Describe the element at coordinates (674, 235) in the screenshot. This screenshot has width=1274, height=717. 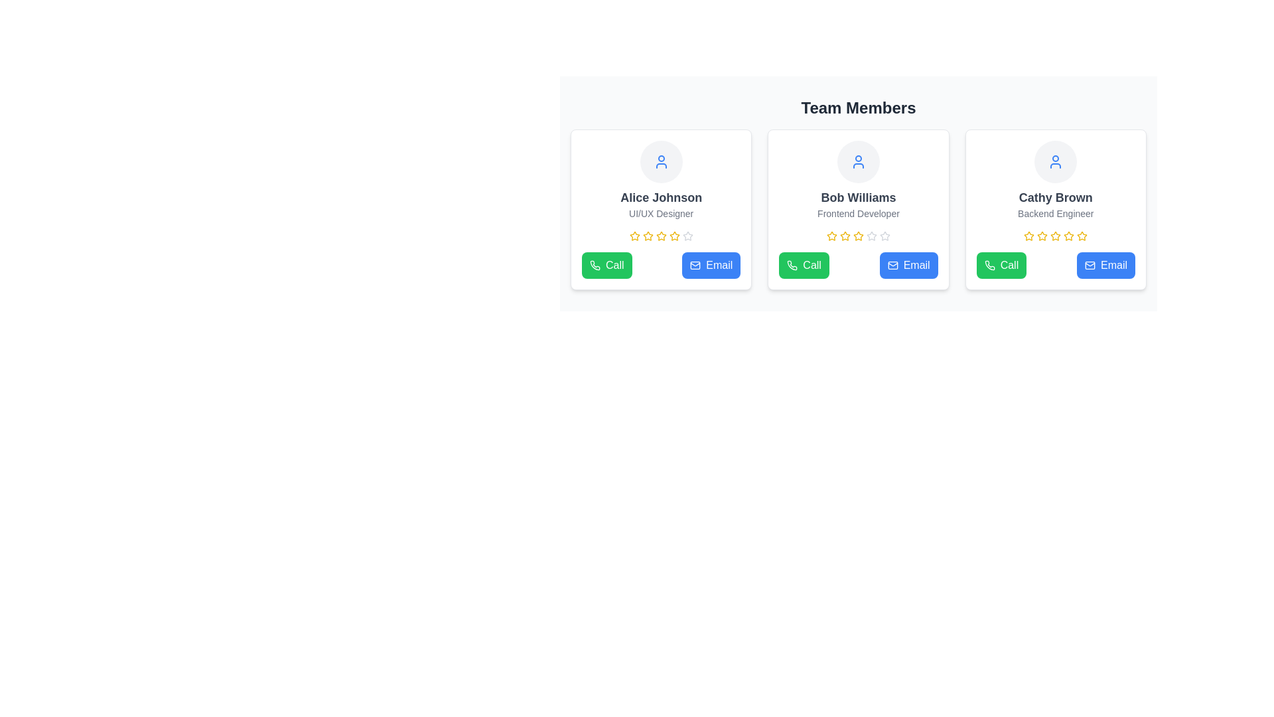
I see `the fourth rating star icon in the rating widget beneath Alice Johnson's profile` at that location.